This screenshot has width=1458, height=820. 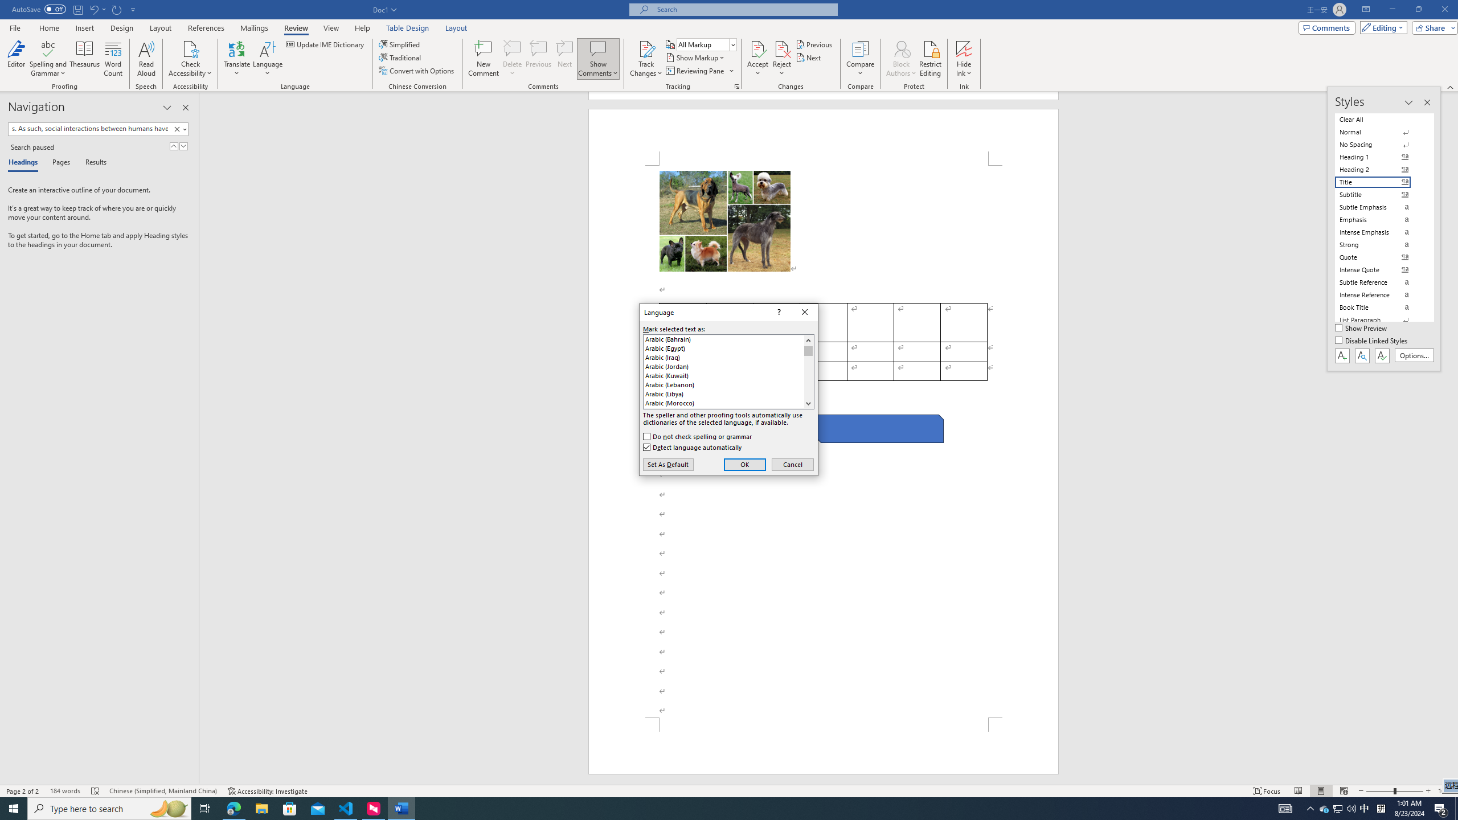 I want to click on 'Line down', so click(x=808, y=403).